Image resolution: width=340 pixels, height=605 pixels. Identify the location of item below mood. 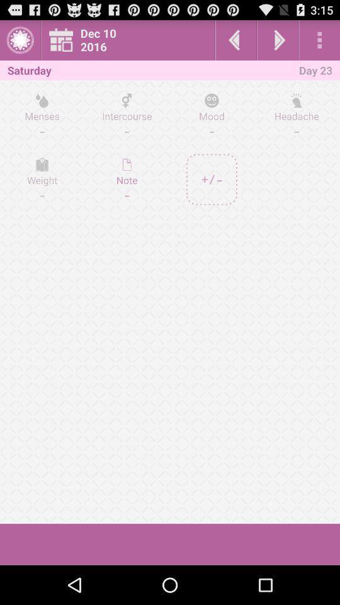
(212, 179).